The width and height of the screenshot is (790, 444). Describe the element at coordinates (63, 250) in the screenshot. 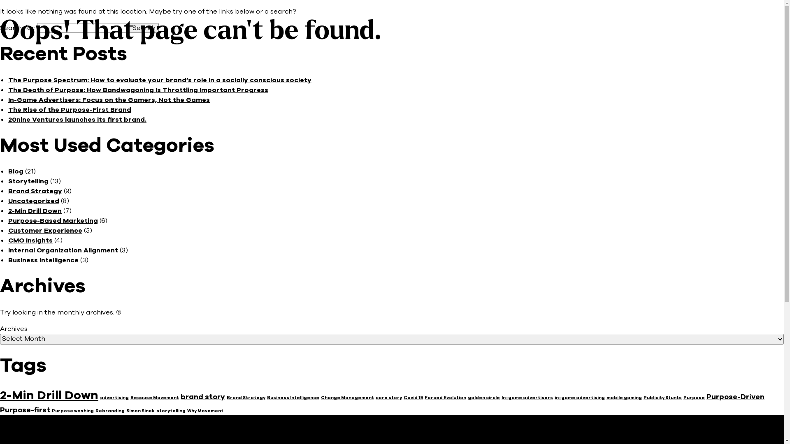

I see `'Internal Organization Alignment'` at that location.